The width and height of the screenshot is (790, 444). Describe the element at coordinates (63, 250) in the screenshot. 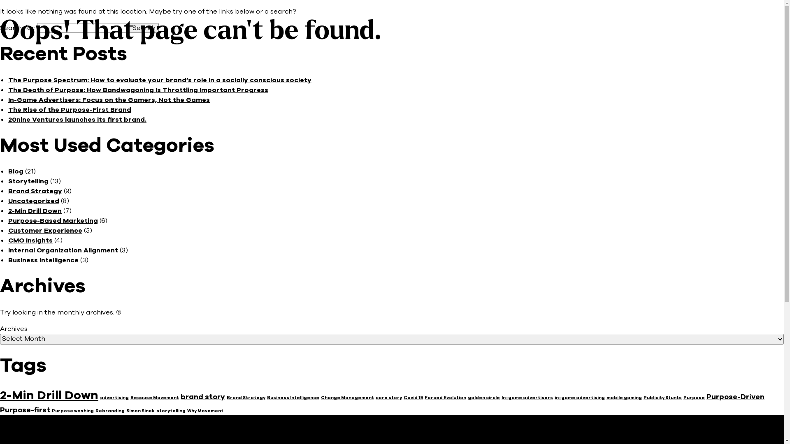

I see `'Internal Organization Alignment'` at that location.